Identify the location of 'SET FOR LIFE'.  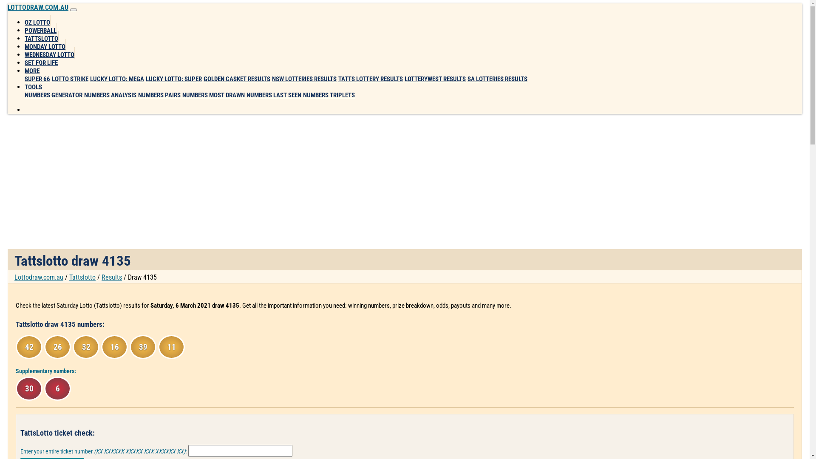
(41, 60).